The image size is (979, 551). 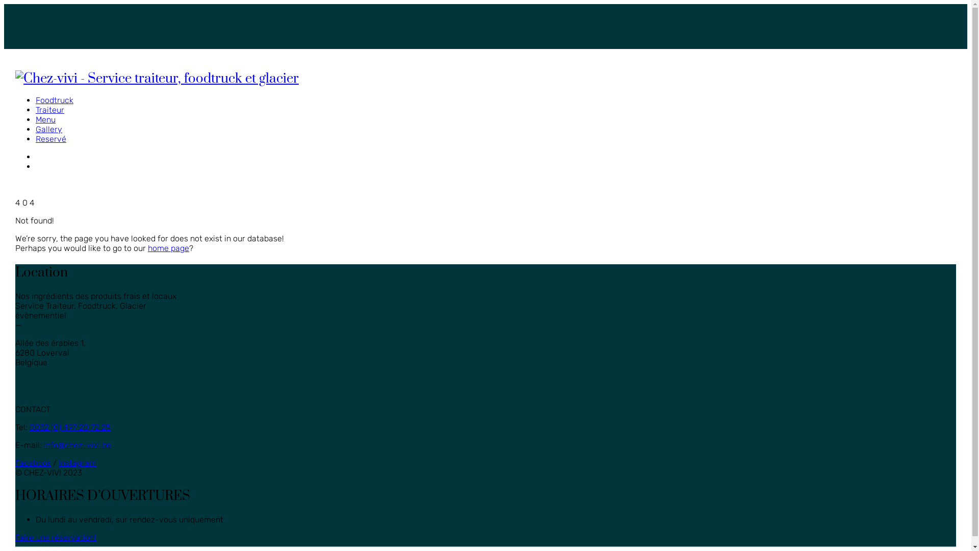 What do you see at coordinates (168, 248) in the screenshot?
I see `'home page'` at bounding box center [168, 248].